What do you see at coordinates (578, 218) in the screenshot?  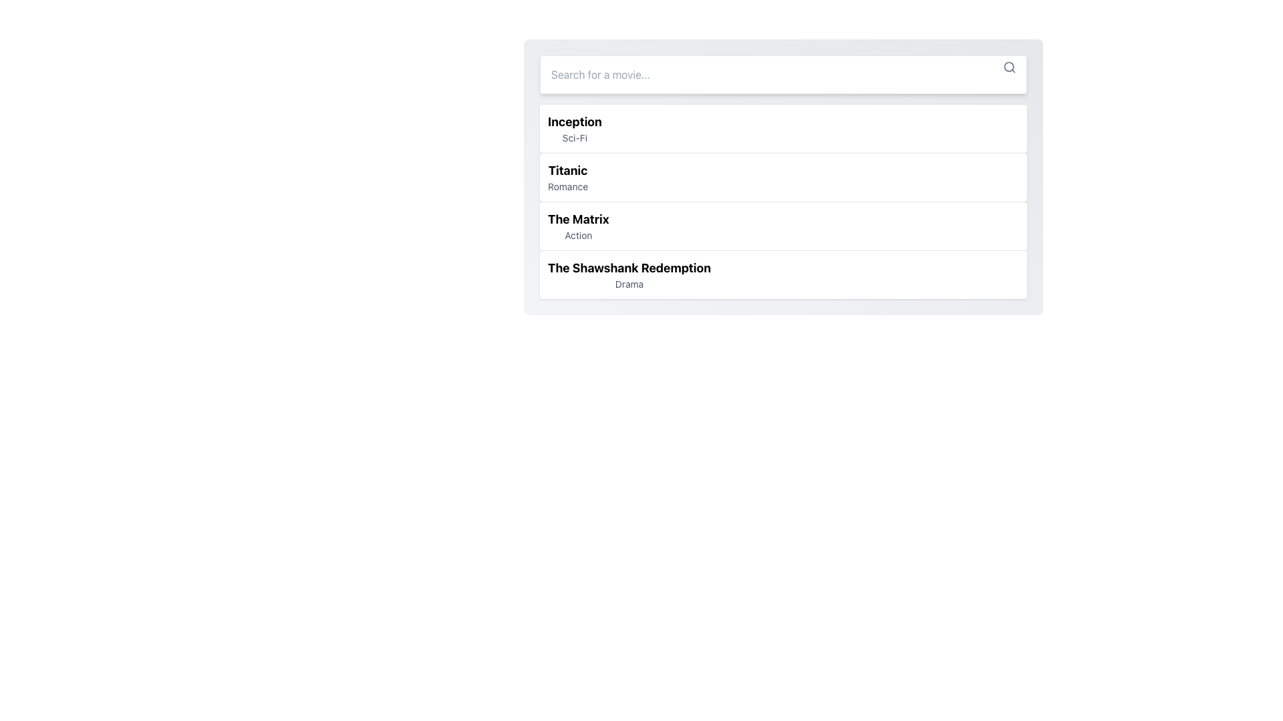 I see `the title text element for the movie 'The Matrix'` at bounding box center [578, 218].